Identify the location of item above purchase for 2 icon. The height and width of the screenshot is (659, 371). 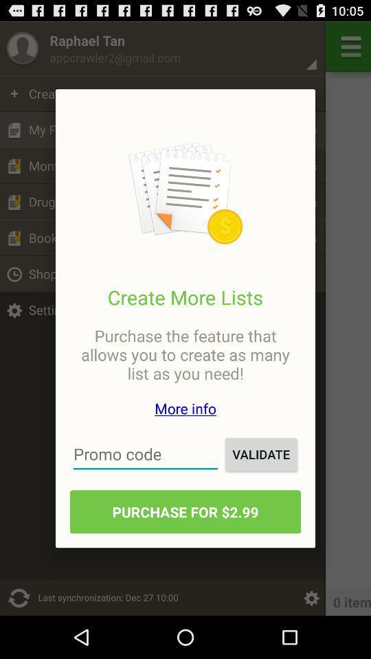
(145, 454).